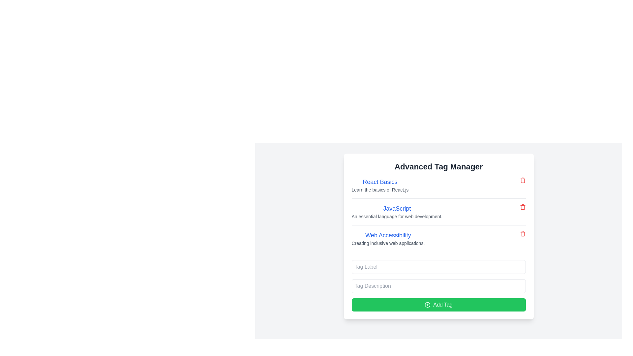 Image resolution: width=633 pixels, height=356 pixels. I want to click on contents of the Text Label displaying 'React Basics' that is styled in large, bold blue font and located within the 'Advanced Tag Manager' group, so click(380, 182).